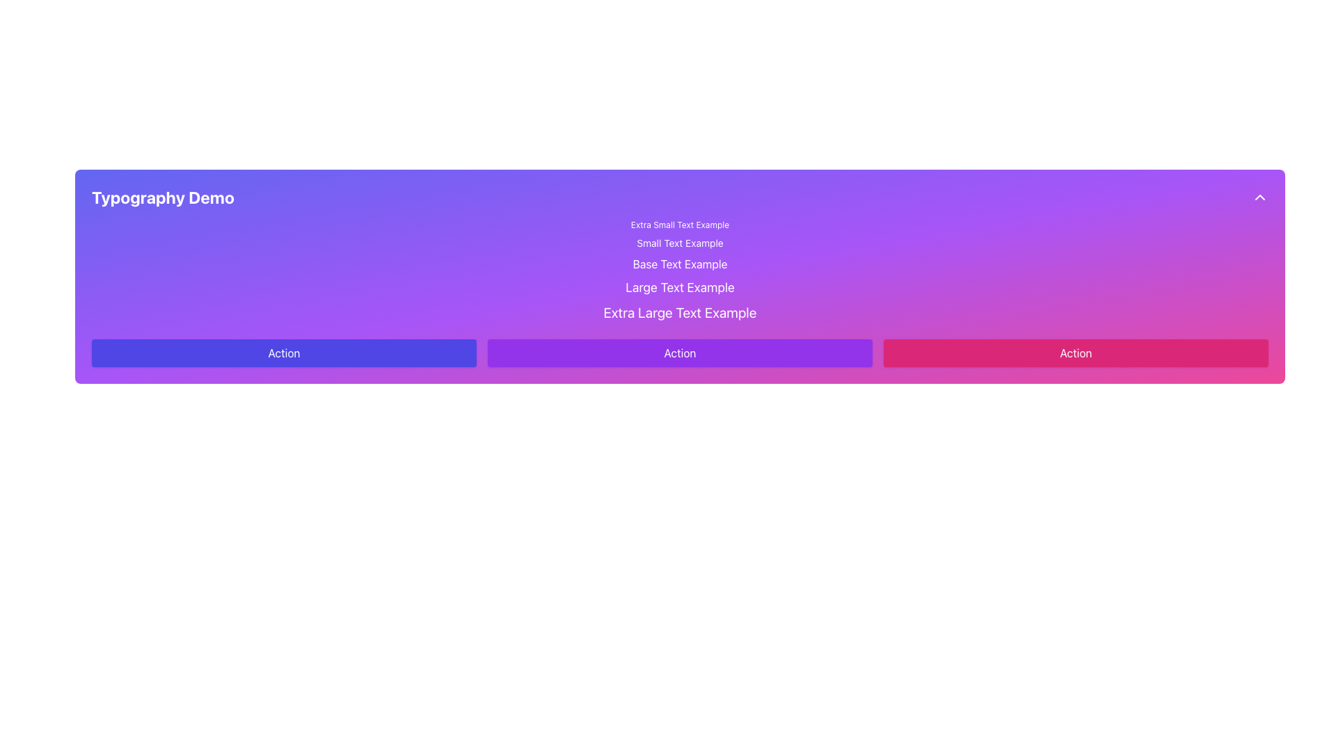 The image size is (1336, 751). I want to click on the leftmost button beneath the 'Typography Demo' label, so click(283, 353).